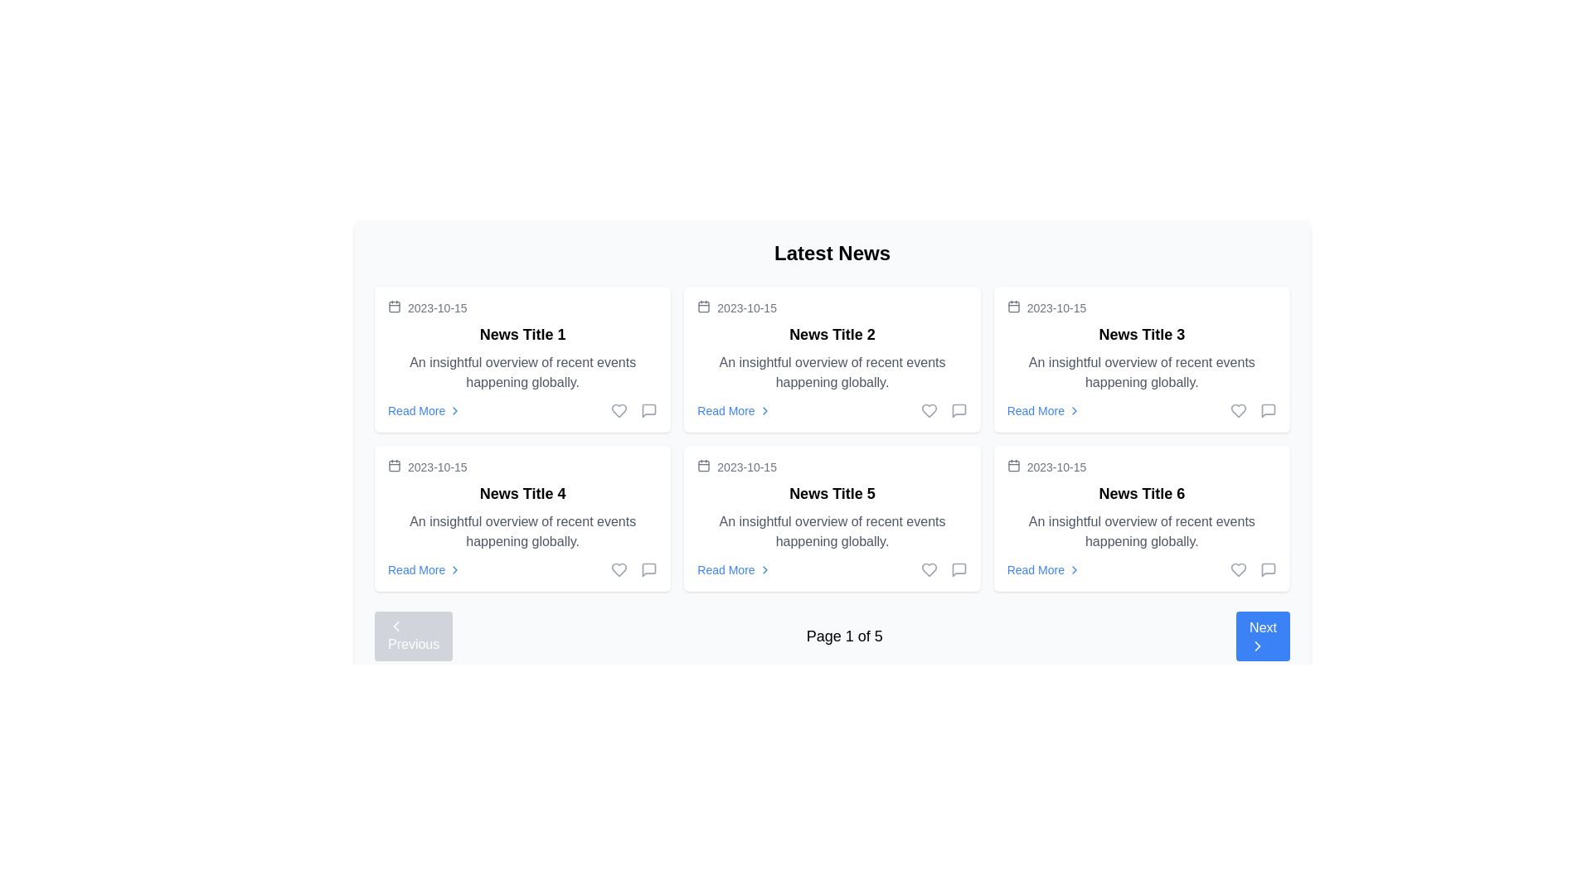  Describe the element at coordinates (746, 467) in the screenshot. I see `the text label displaying the date '2023-10-15', which is located in the second row, second column of the 'News Title 5' card, directly below the calendar icon` at that location.